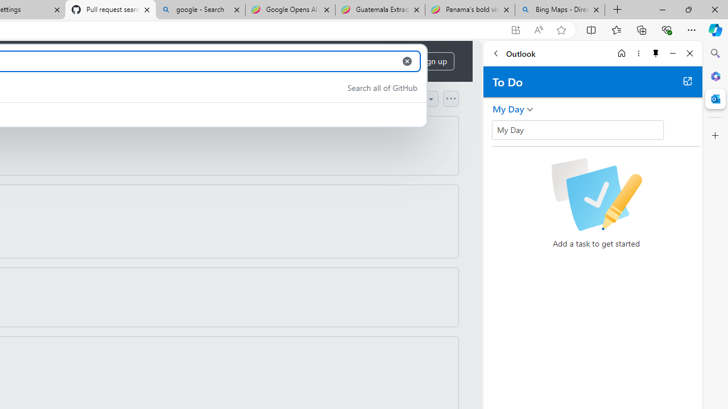 The height and width of the screenshot is (409, 728). I want to click on 'Sign in', so click(387, 61).